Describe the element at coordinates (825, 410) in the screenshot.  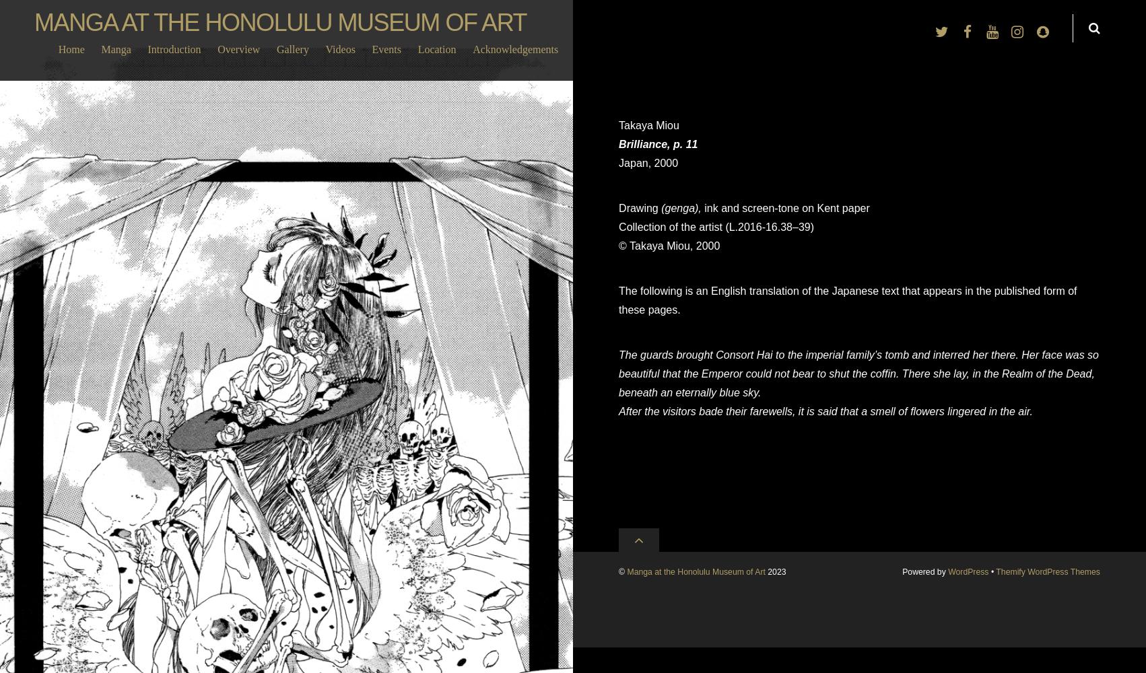
I see `'After the visitors bade their farewells, it is said that a smell of flowers lingered in the air.'` at that location.